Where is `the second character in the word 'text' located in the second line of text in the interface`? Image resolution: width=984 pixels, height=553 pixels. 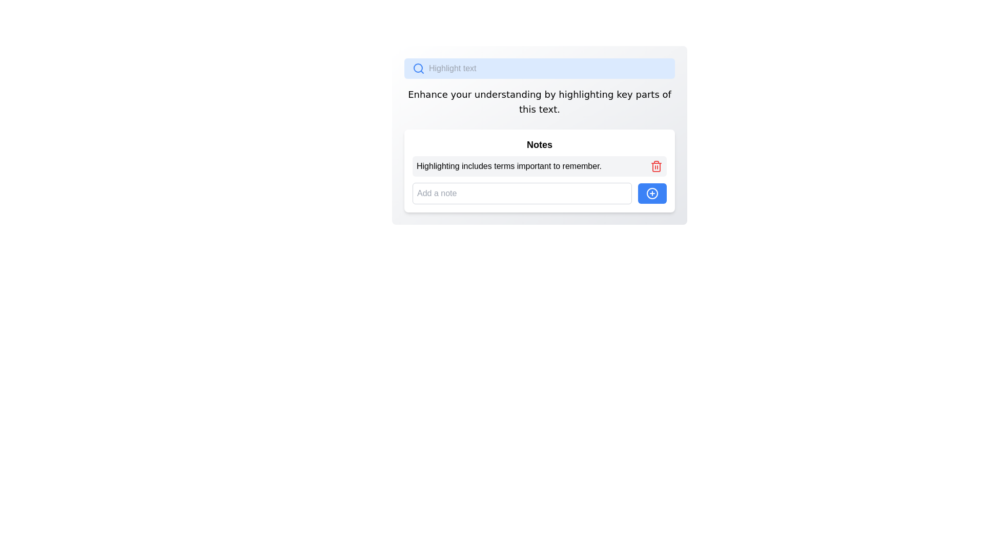 the second character in the word 'text' located in the second line of text in the interface is located at coordinates (540, 109).